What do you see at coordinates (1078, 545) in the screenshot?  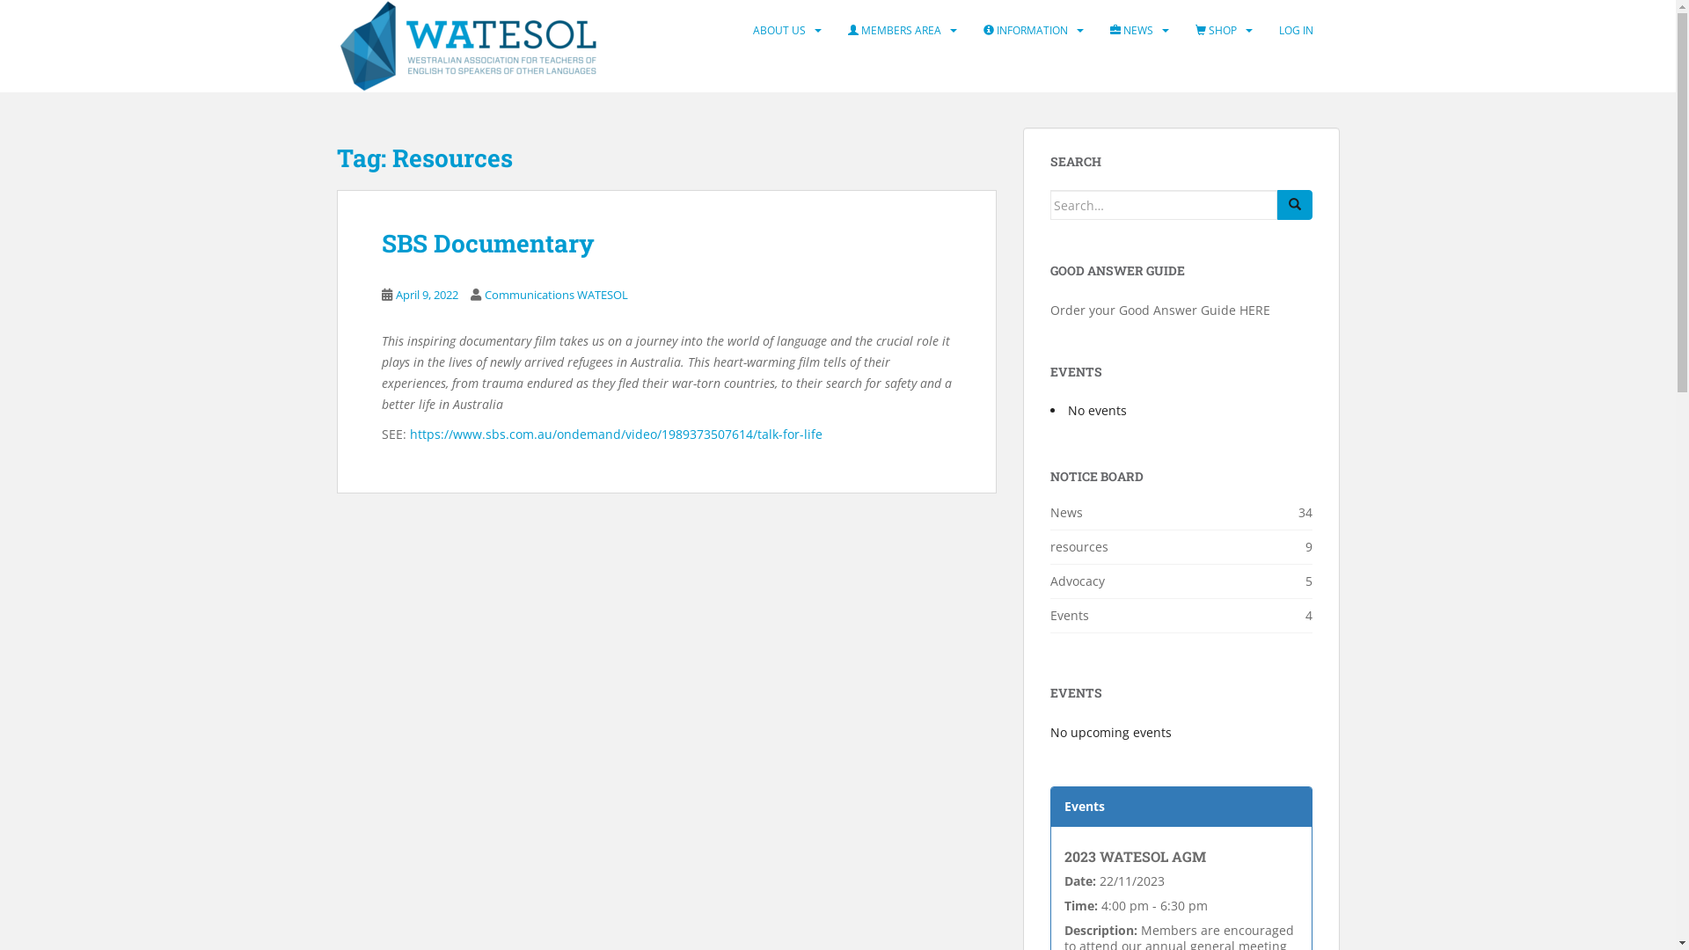 I see `'resources'` at bounding box center [1078, 545].